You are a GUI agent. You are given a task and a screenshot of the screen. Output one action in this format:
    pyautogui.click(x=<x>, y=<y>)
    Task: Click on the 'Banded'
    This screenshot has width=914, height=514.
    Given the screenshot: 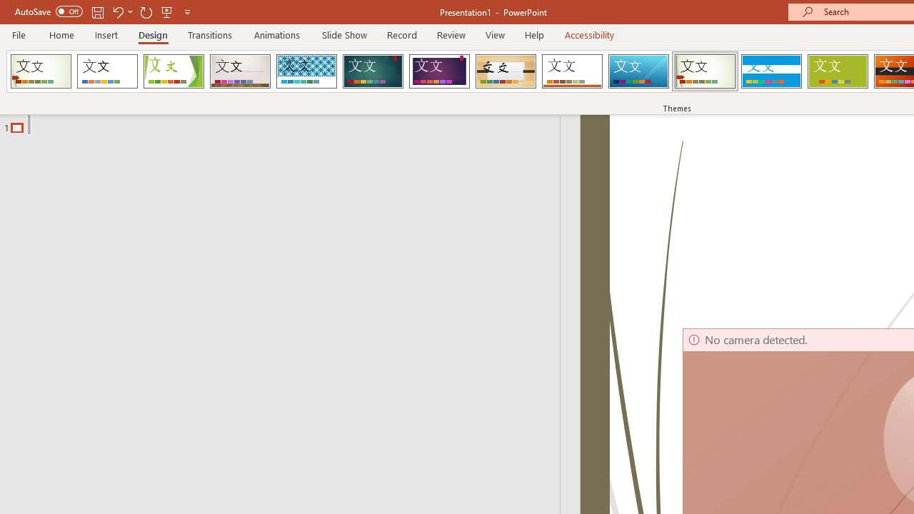 What is the action you would take?
    pyautogui.click(x=770, y=71)
    